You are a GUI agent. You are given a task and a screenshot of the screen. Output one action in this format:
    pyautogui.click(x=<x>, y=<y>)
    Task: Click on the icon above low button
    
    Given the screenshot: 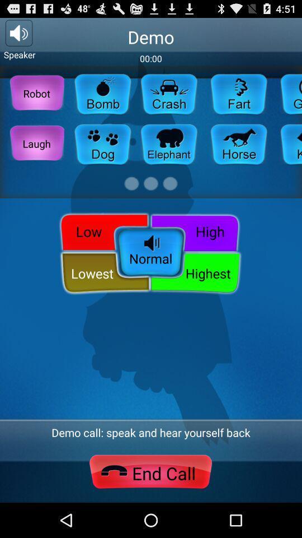 What is the action you would take?
    pyautogui.click(x=36, y=143)
    